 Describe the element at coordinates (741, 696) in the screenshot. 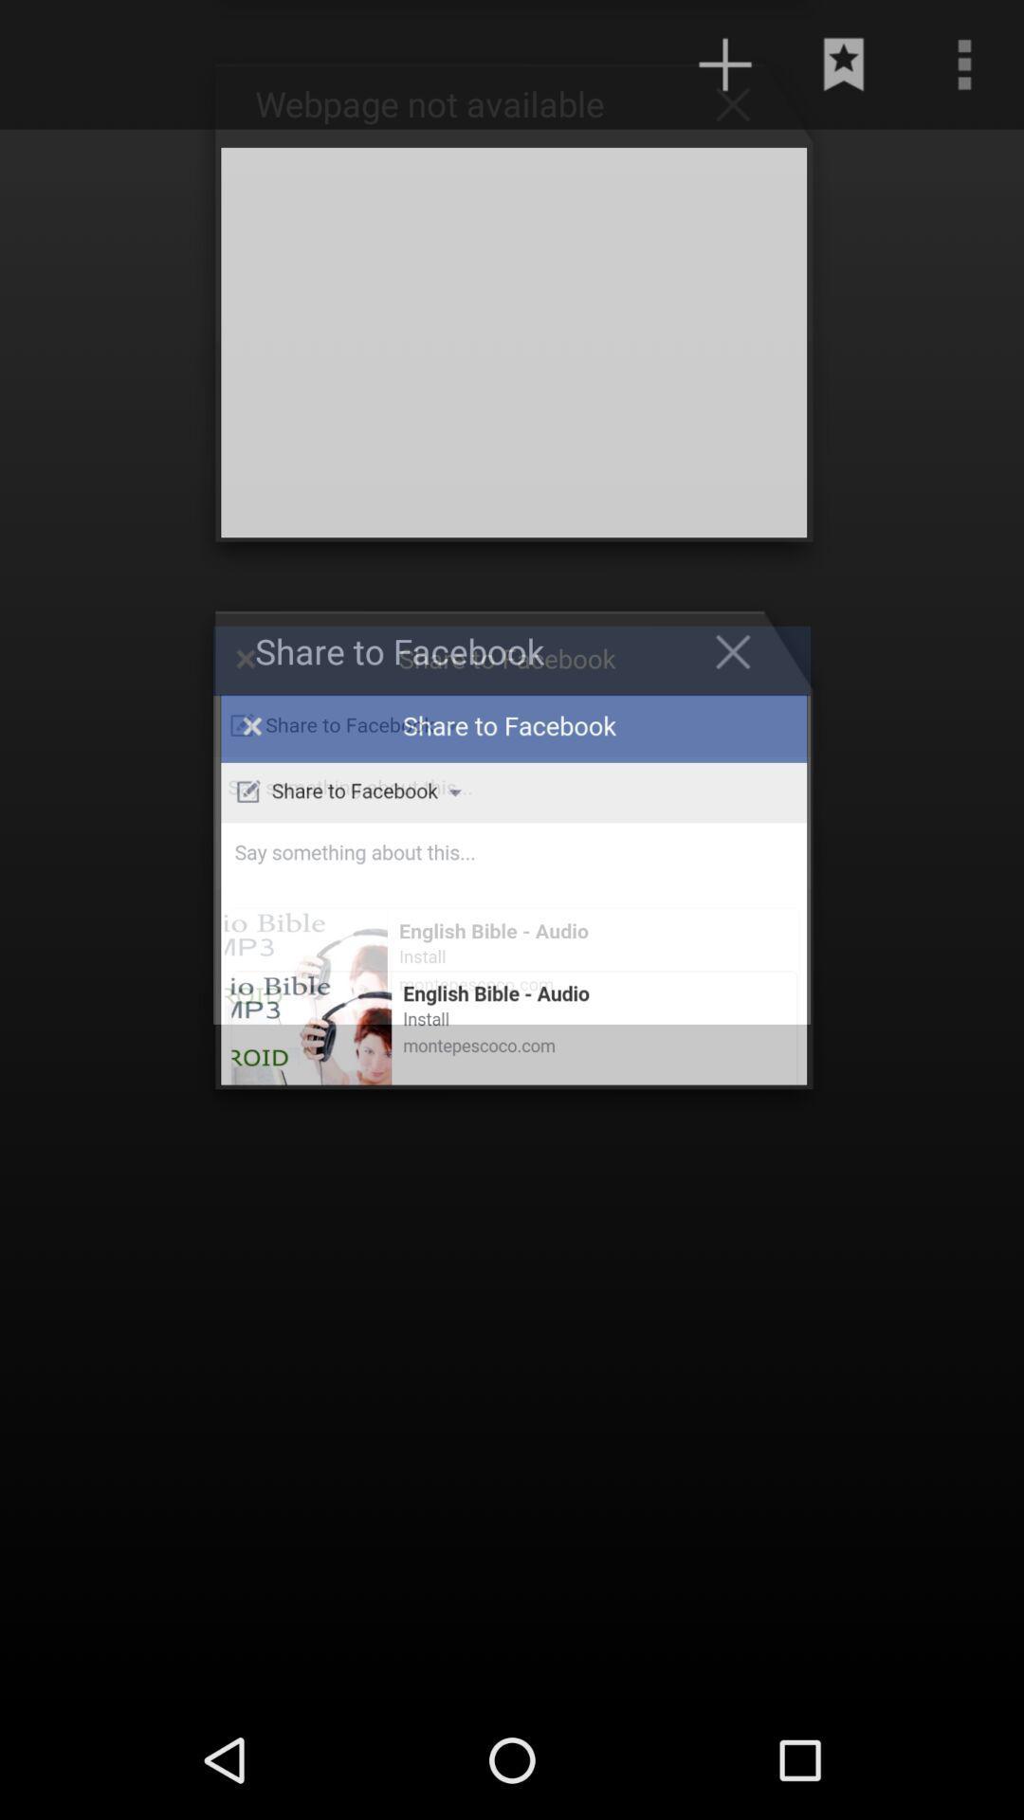

I see `the close icon` at that location.